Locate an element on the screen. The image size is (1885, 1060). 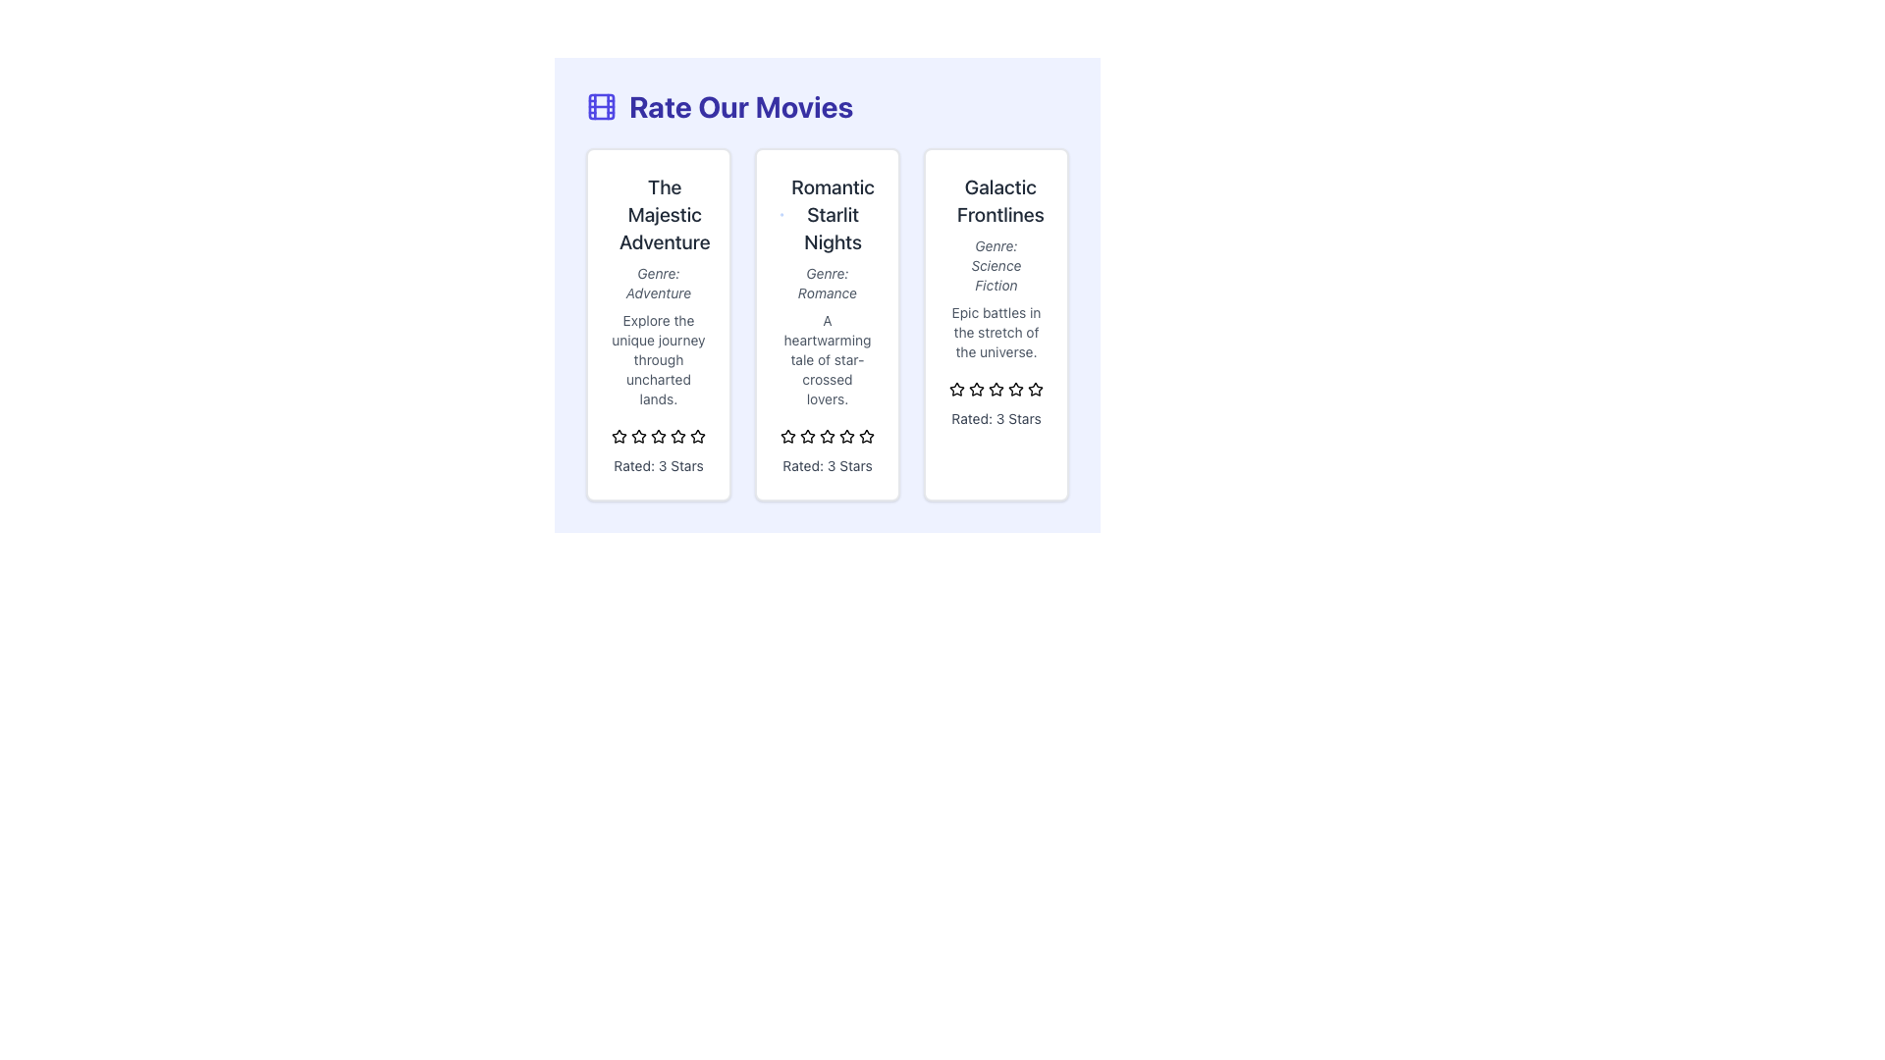
text from the Label indicating the genre of the film 'The Majestic Adventure', located below the title and above the descriptive paragraph is located at coordinates (659, 284).